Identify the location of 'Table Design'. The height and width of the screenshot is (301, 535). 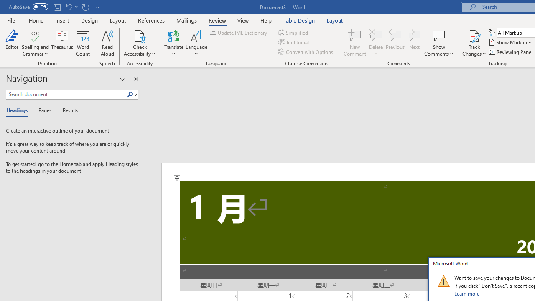
(299, 20).